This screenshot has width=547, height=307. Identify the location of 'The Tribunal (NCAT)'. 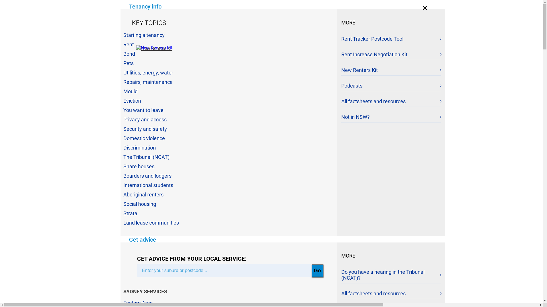
(146, 157).